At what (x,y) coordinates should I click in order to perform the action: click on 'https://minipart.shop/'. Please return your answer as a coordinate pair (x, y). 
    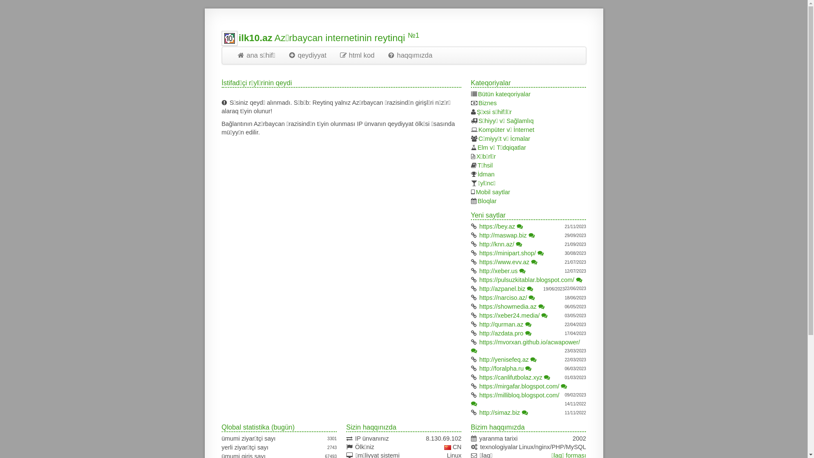
    Looking at the image, I should click on (508, 253).